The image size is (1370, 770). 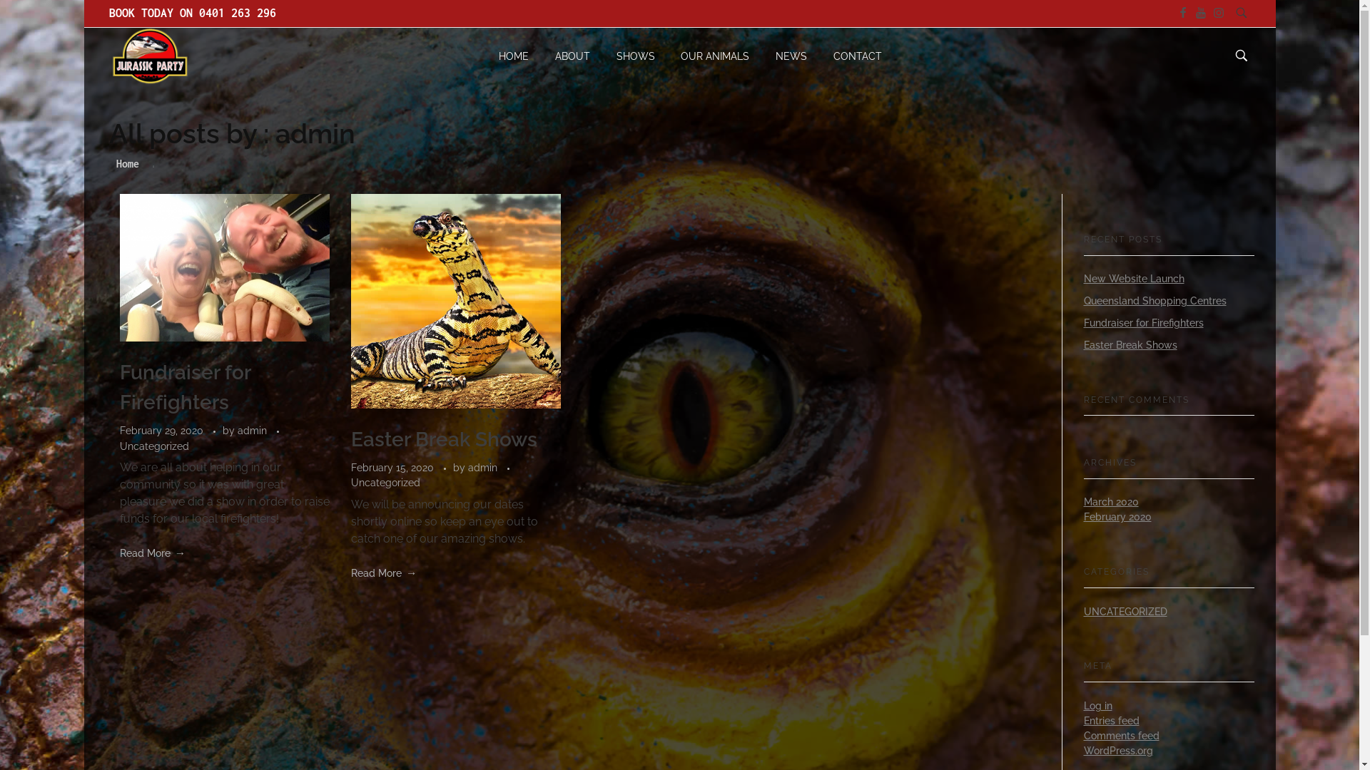 I want to click on 'Home', so click(x=126, y=163).